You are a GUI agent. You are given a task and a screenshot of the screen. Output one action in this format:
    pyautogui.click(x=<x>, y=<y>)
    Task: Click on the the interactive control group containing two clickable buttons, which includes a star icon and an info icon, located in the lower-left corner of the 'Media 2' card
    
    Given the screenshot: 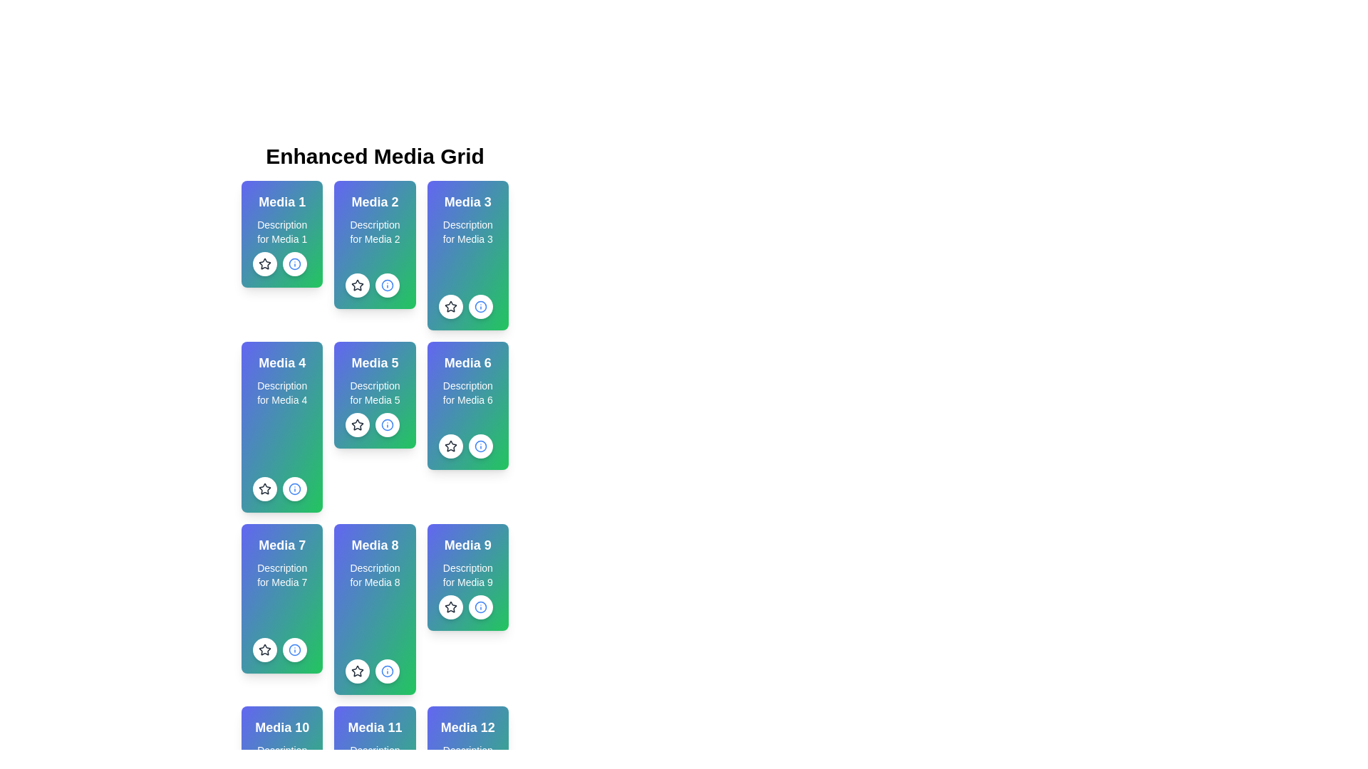 What is the action you would take?
    pyautogui.click(x=373, y=286)
    